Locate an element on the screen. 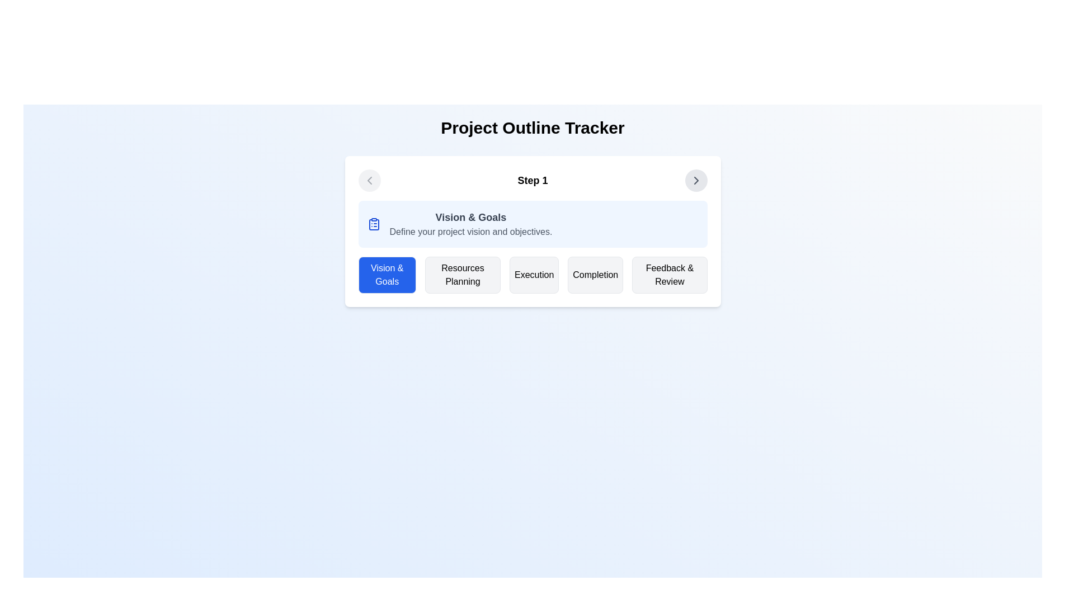  the 'Feedback & Review' button, which is a rectangular button with rounded corners and a light gray background is located at coordinates (670, 275).